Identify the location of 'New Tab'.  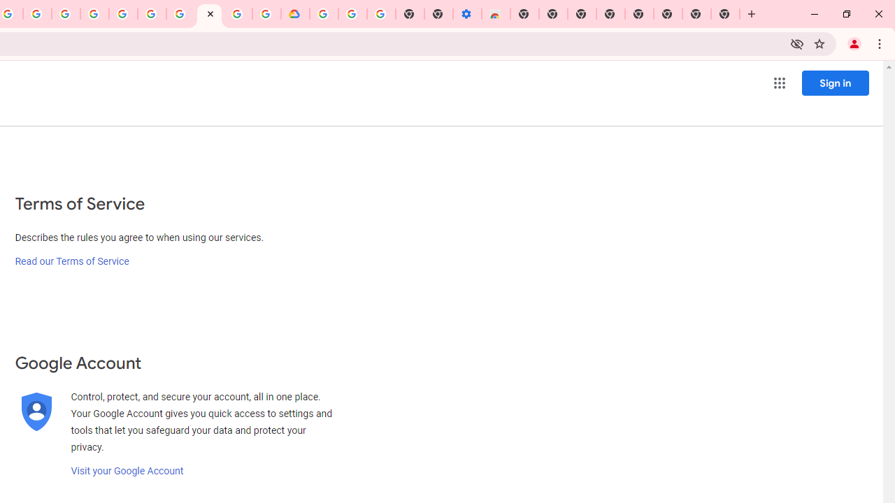
(726, 14).